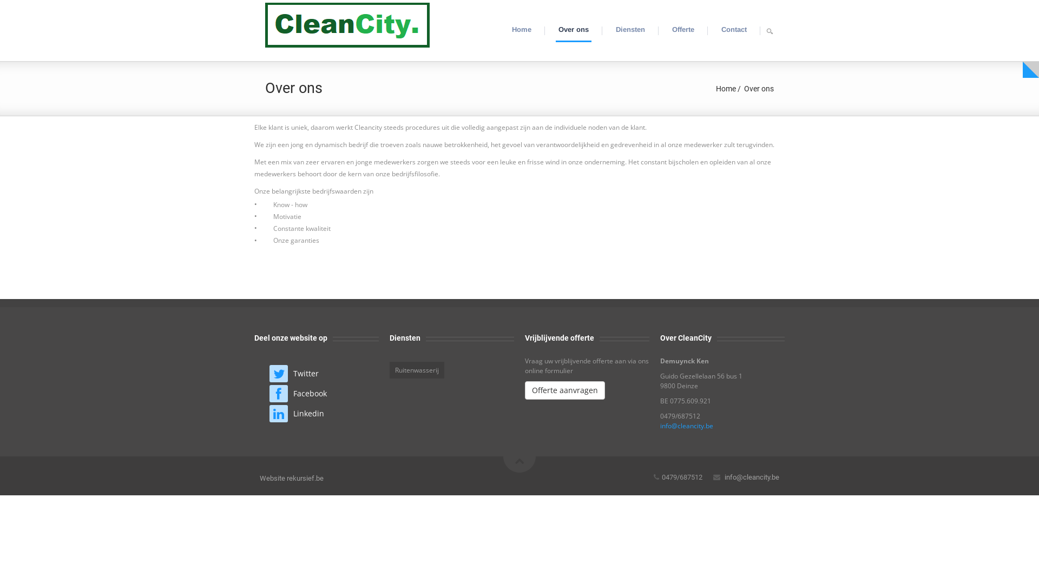 The height and width of the screenshot is (584, 1039). Describe the element at coordinates (309, 393) in the screenshot. I see `'Facebook'` at that location.